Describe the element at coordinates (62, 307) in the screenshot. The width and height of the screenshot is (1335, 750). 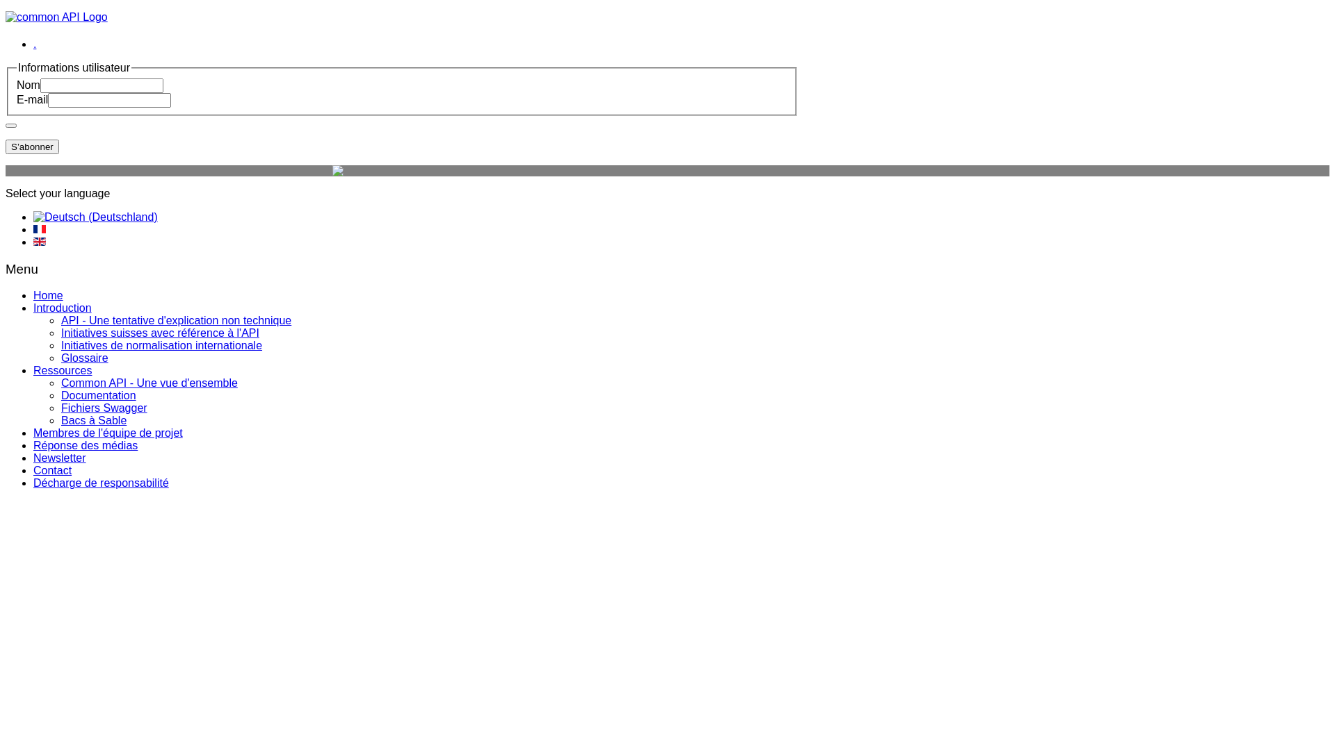
I see `'Introduction'` at that location.